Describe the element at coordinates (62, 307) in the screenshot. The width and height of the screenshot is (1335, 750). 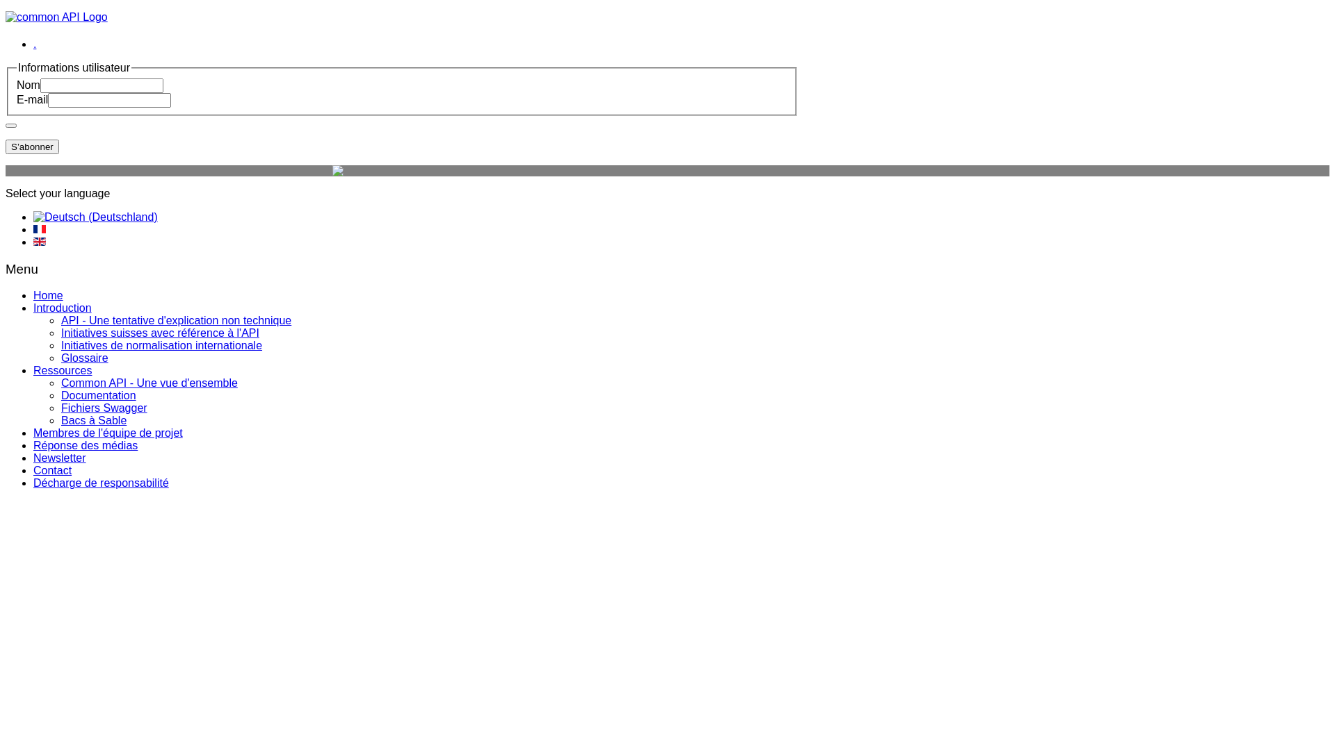
I see `'Introduction'` at that location.